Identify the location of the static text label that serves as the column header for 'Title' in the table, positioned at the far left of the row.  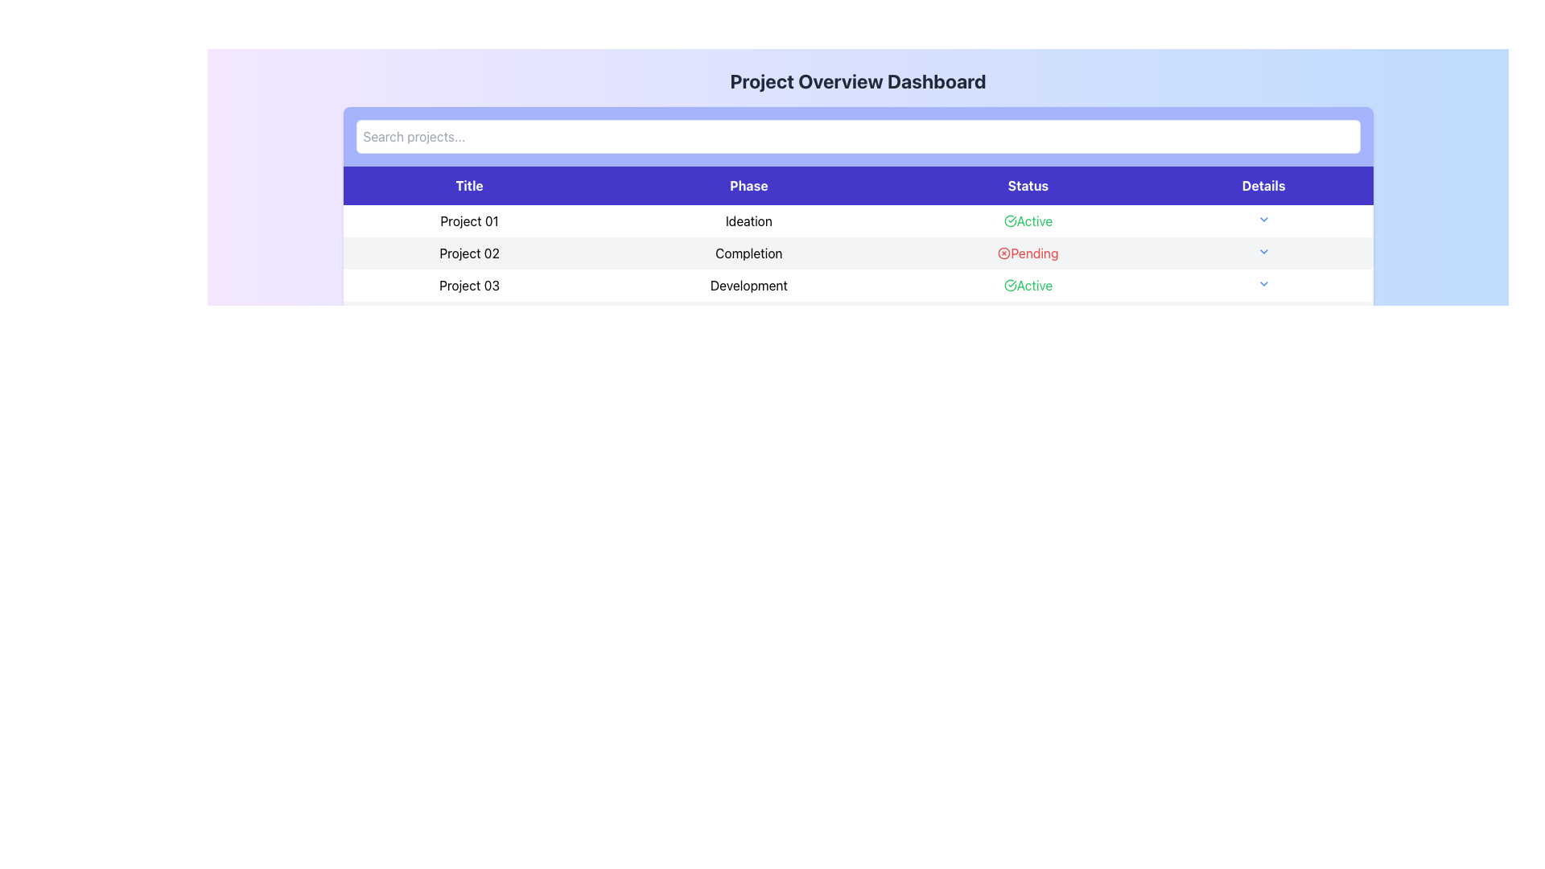
(468, 185).